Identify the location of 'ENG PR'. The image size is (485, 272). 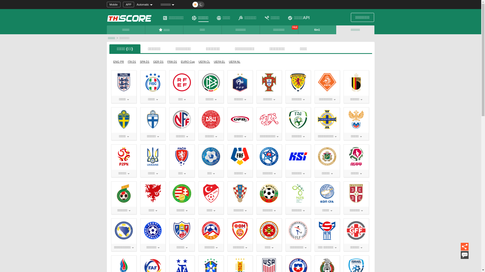
(111, 61).